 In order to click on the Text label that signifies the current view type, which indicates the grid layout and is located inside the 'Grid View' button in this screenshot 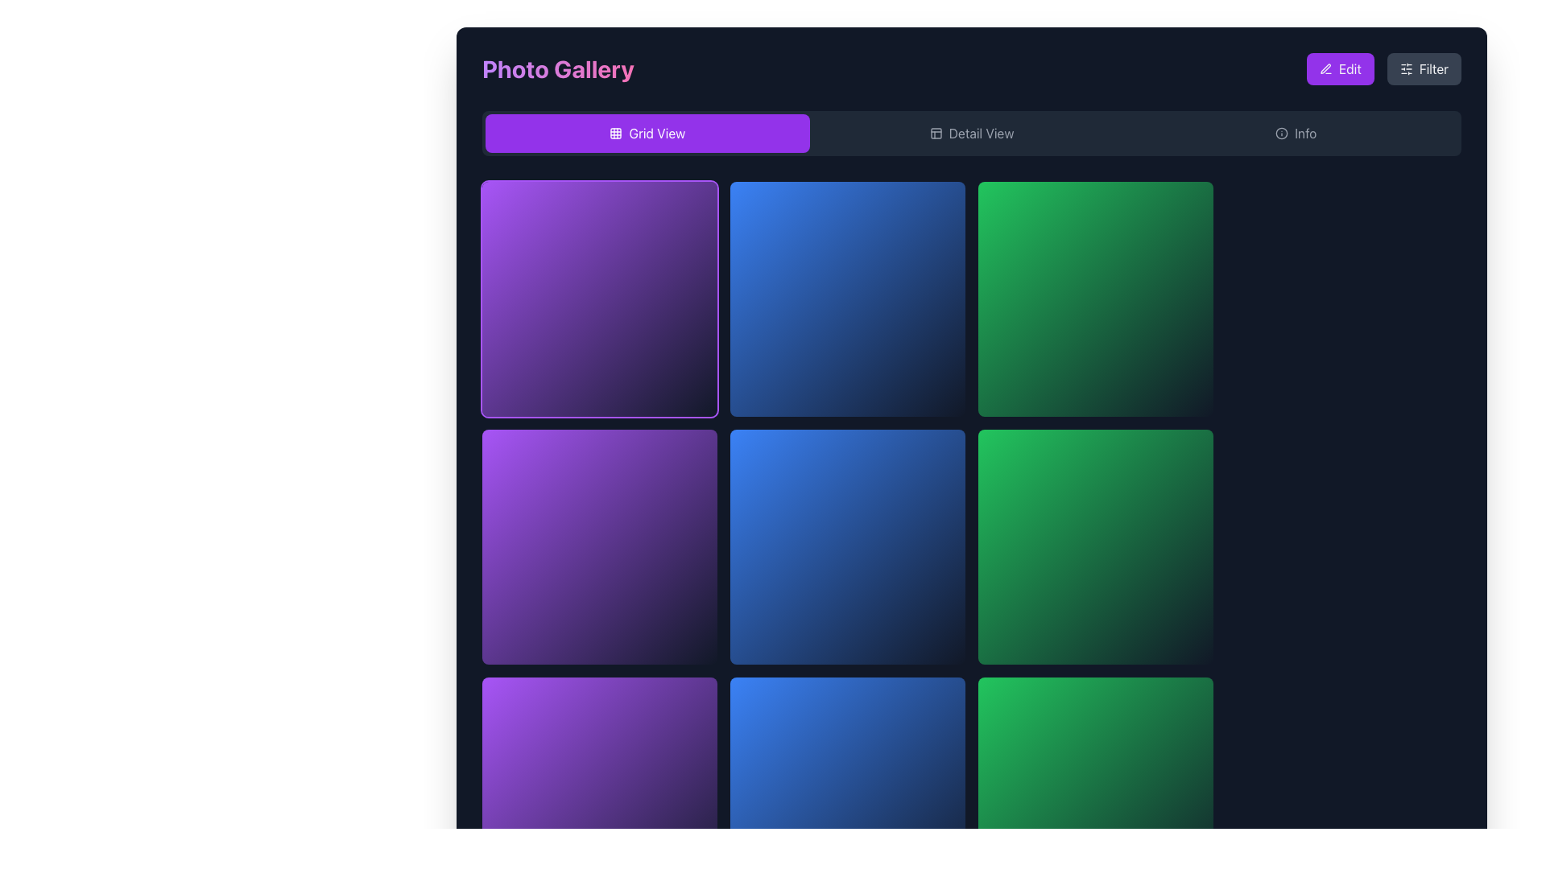, I will do `click(657, 132)`.